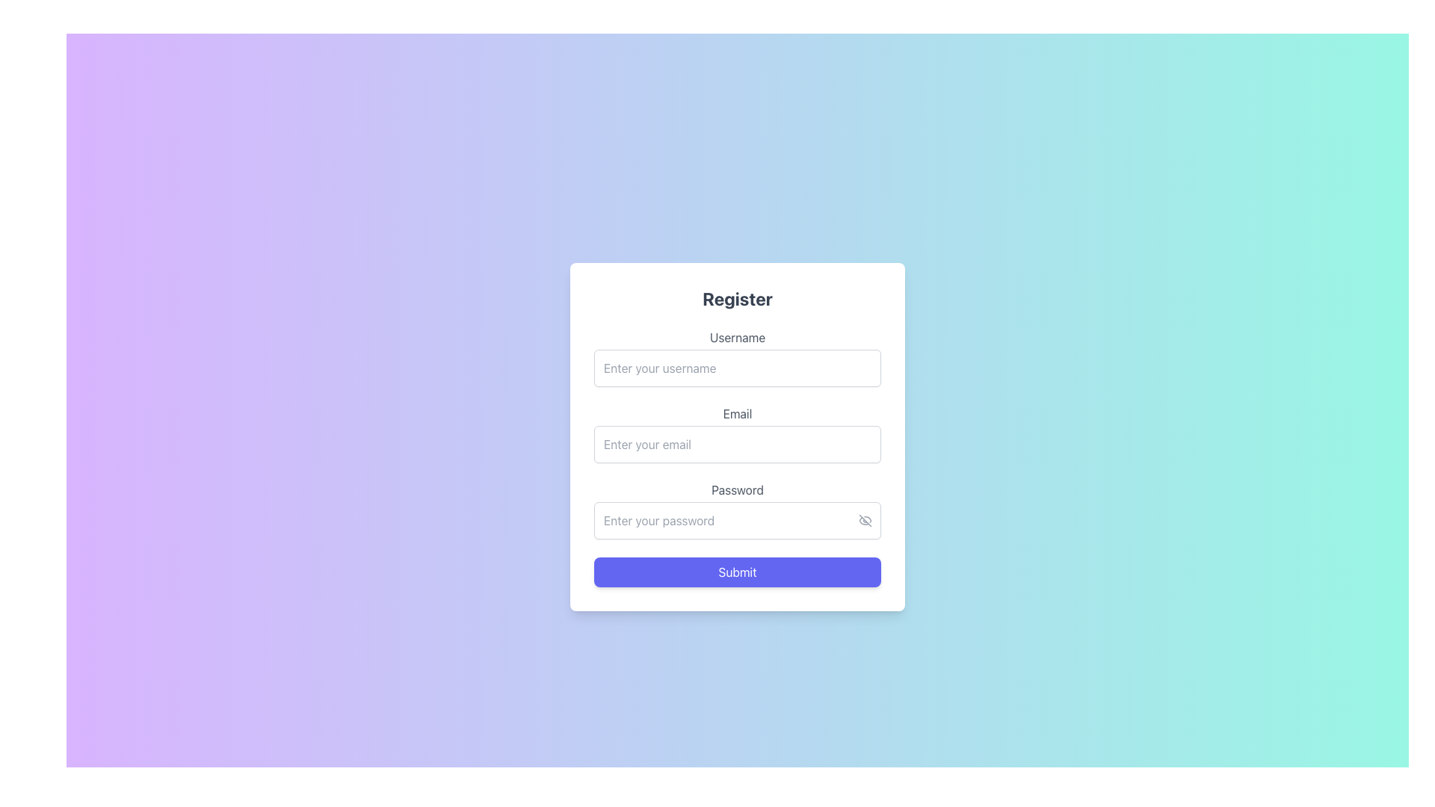 Image resolution: width=1435 pixels, height=807 pixels. I want to click on the 'Email Address' label located above the email input field in the 'Register' form, so click(738, 414).